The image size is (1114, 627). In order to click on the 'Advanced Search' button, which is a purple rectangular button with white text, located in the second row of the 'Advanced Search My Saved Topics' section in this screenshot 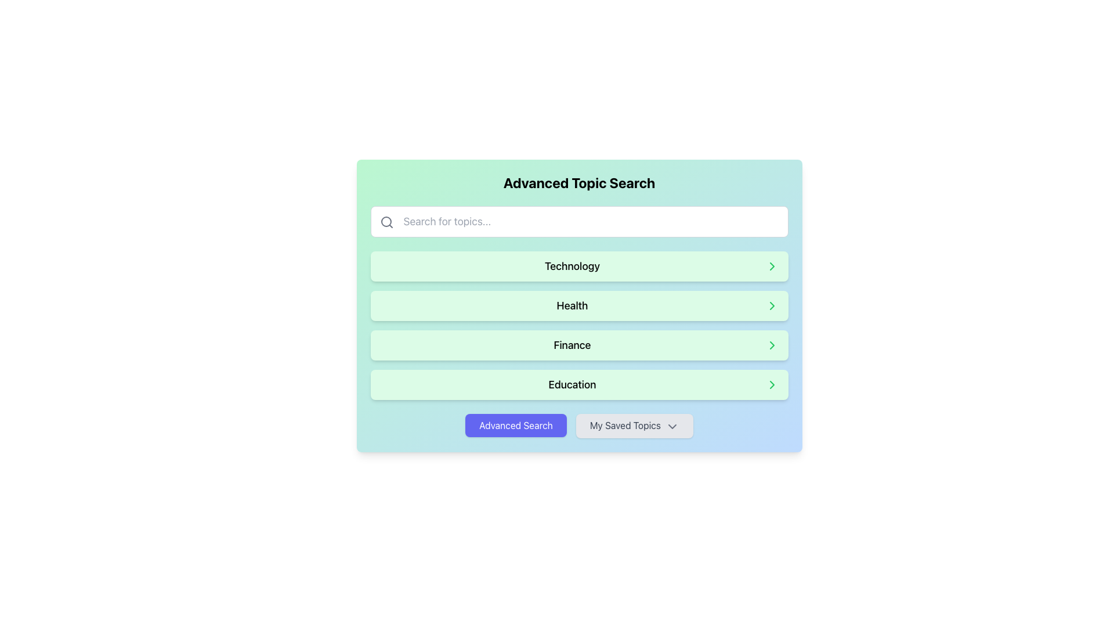, I will do `click(515, 425)`.